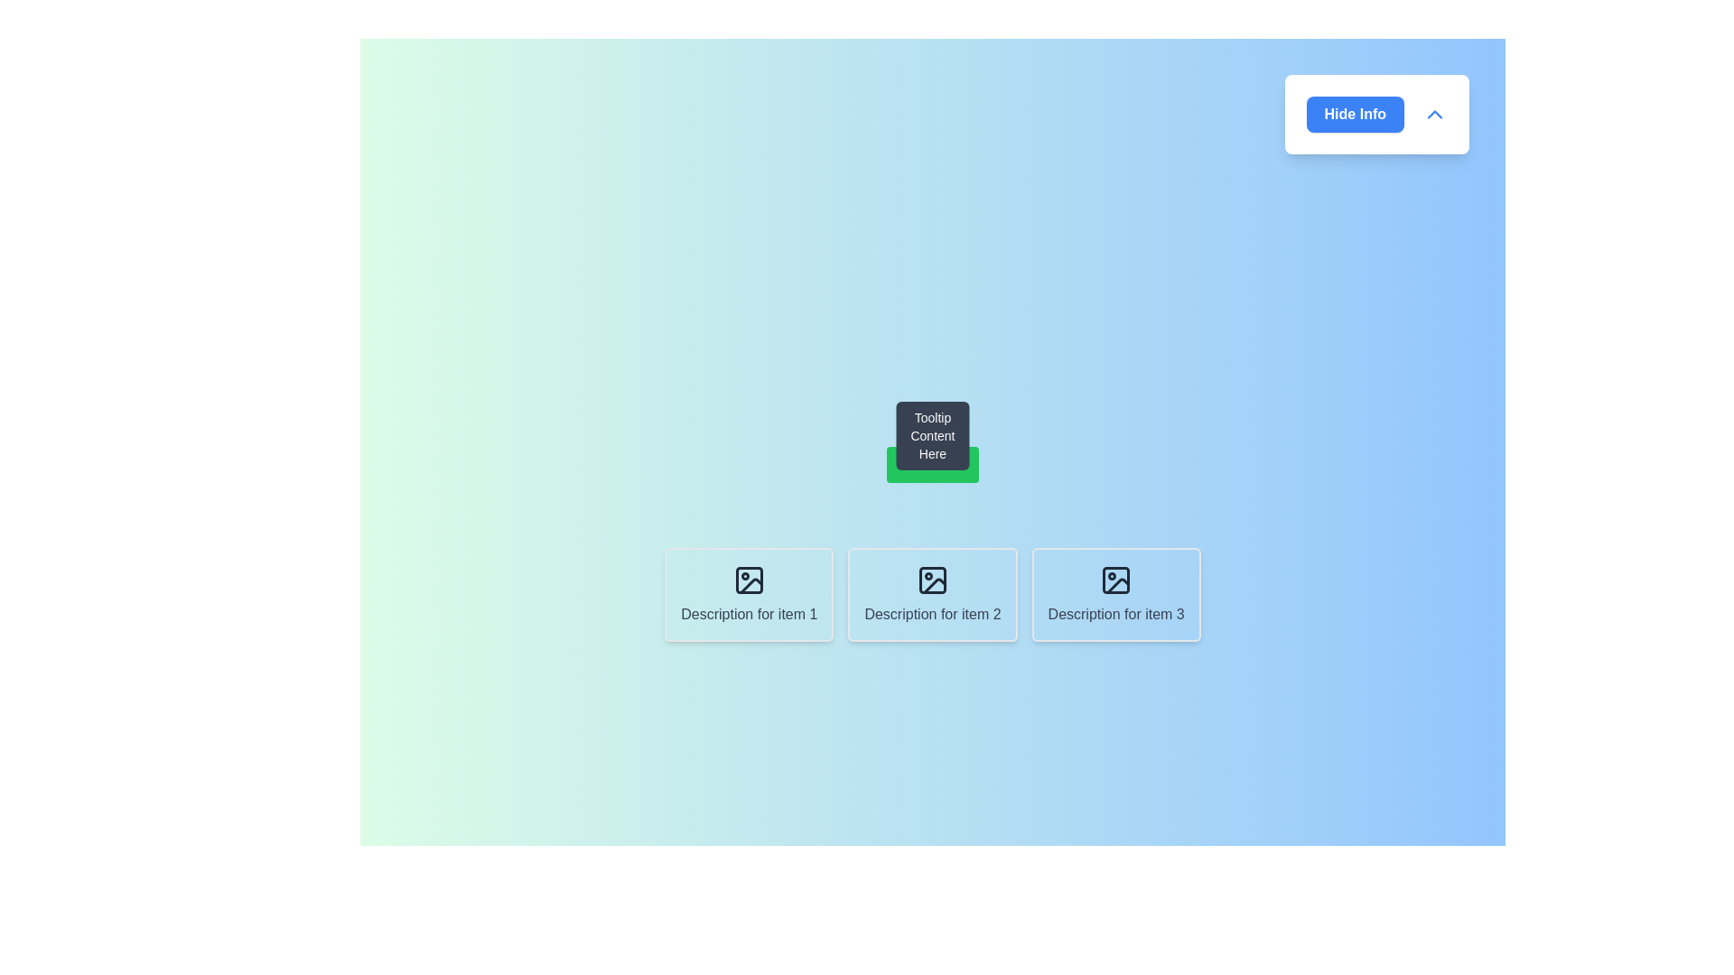  Describe the element at coordinates (932, 614) in the screenshot. I see `the text label reading 'Description for item 2', which is styled in a smaller, muted gray font and positioned below an image icon in a card-like structure` at that location.